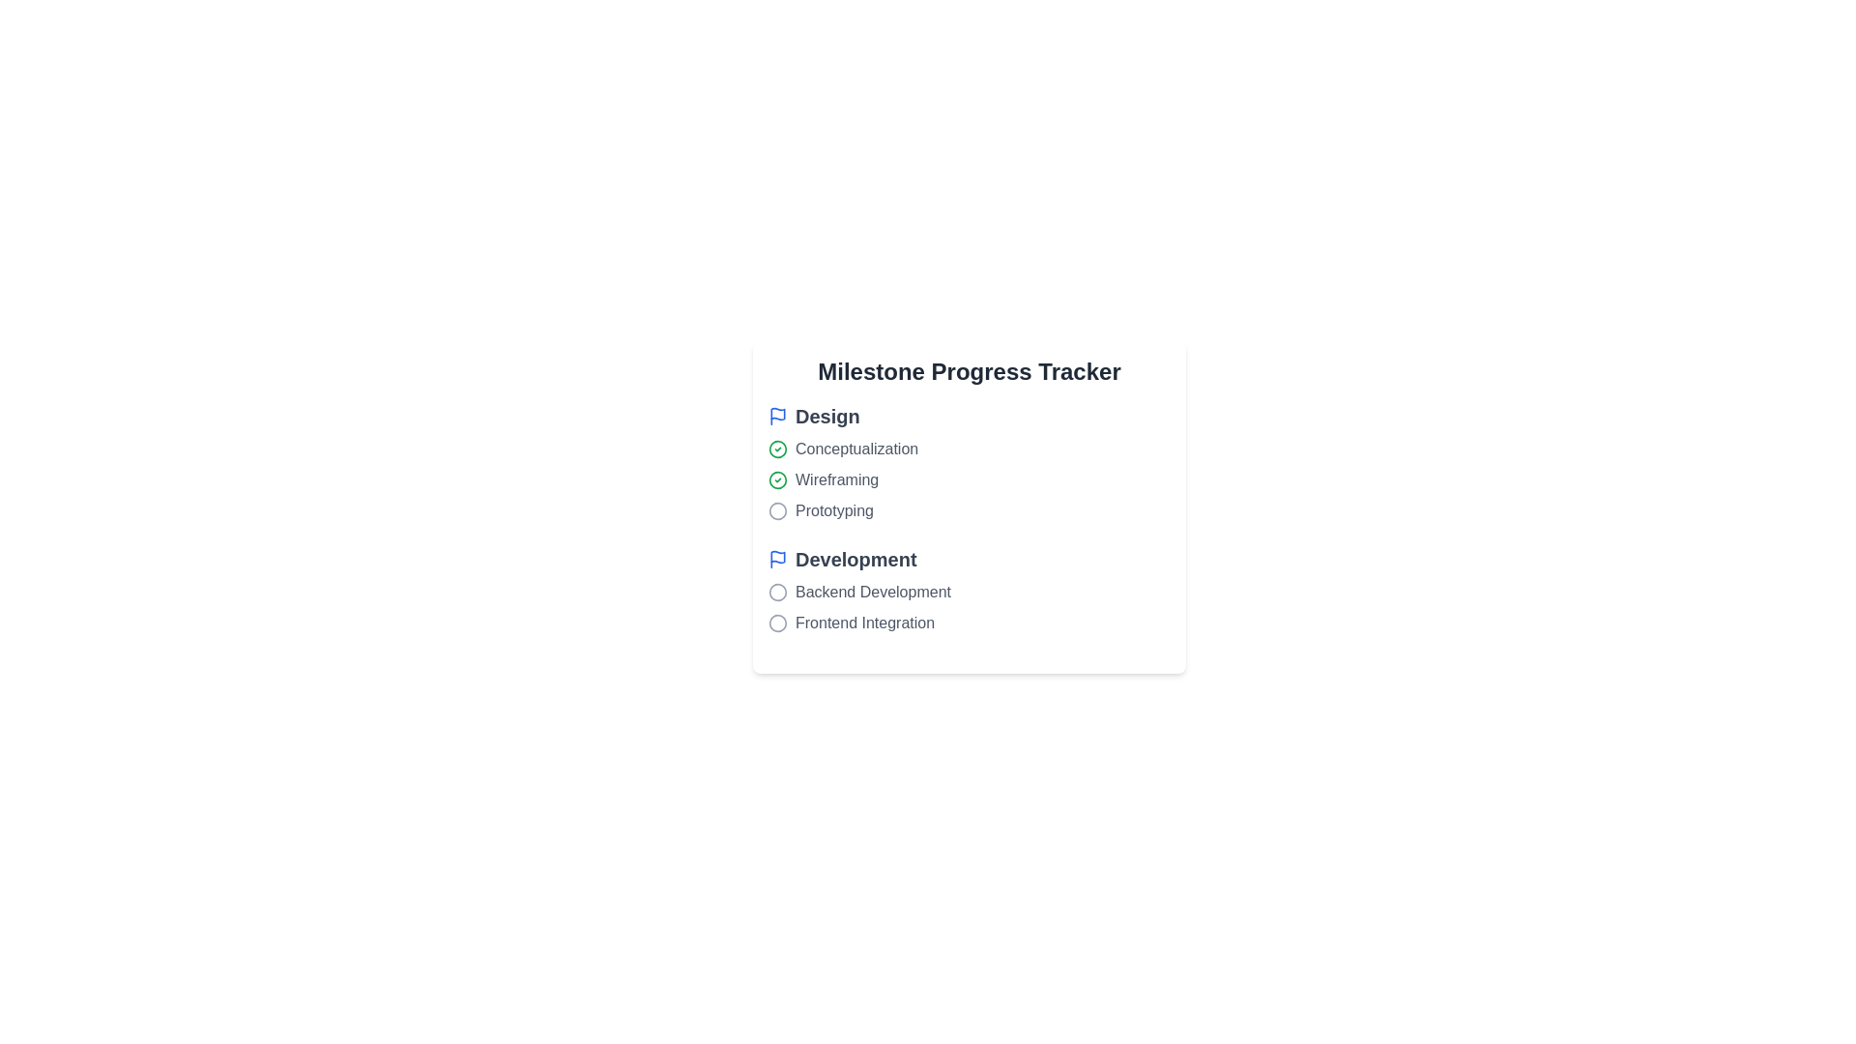 The height and width of the screenshot is (1044, 1856). What do you see at coordinates (778, 479) in the screenshot?
I see `the circular outline icon with a green stroke next to the text 'Conceptualization' in the milestone progress tracker` at bounding box center [778, 479].